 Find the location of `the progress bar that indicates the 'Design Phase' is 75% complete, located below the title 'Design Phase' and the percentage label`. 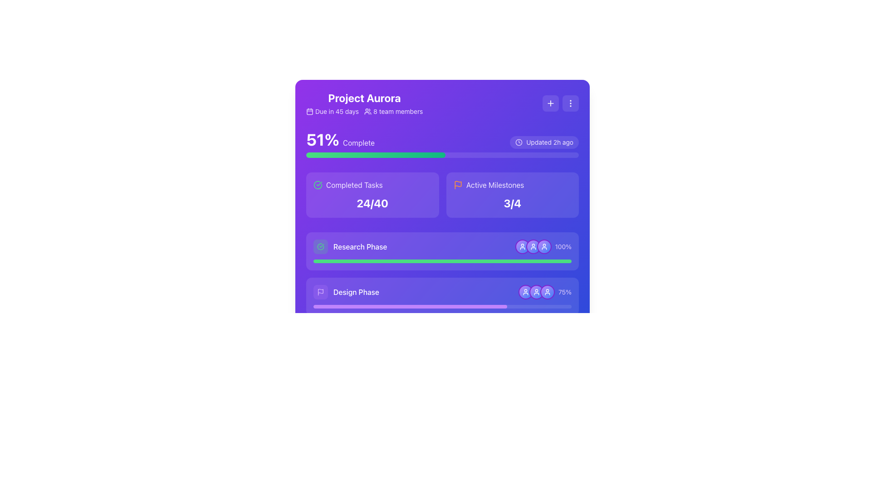

the progress bar that indicates the 'Design Phase' is 75% complete, located below the title 'Design Phase' and the percentage label is located at coordinates (442, 306).